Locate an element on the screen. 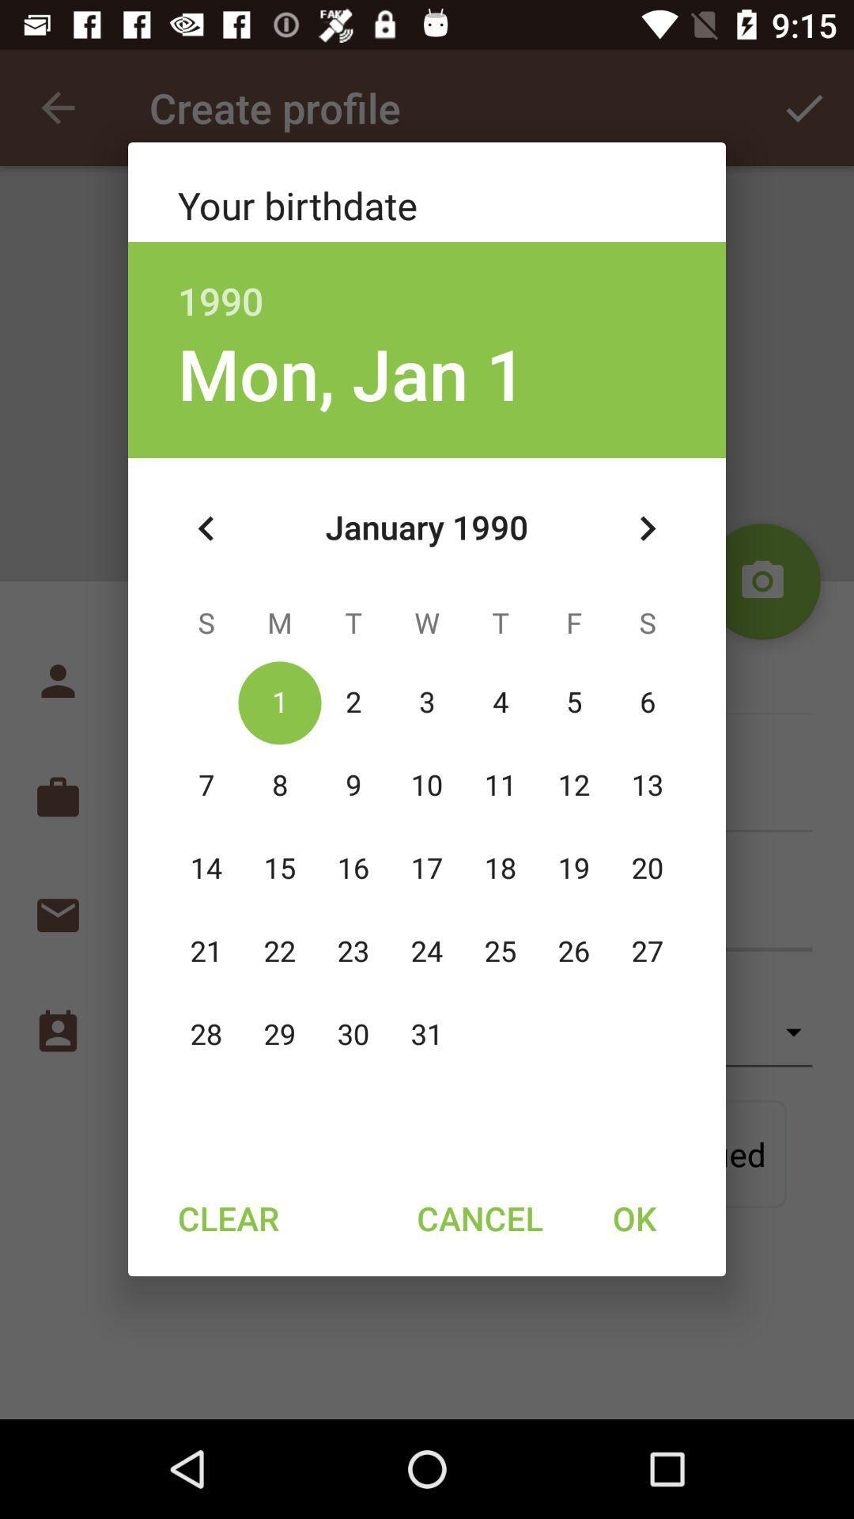 This screenshot has width=854, height=1519. icon at the bottom right corner is located at coordinates (633, 1217).